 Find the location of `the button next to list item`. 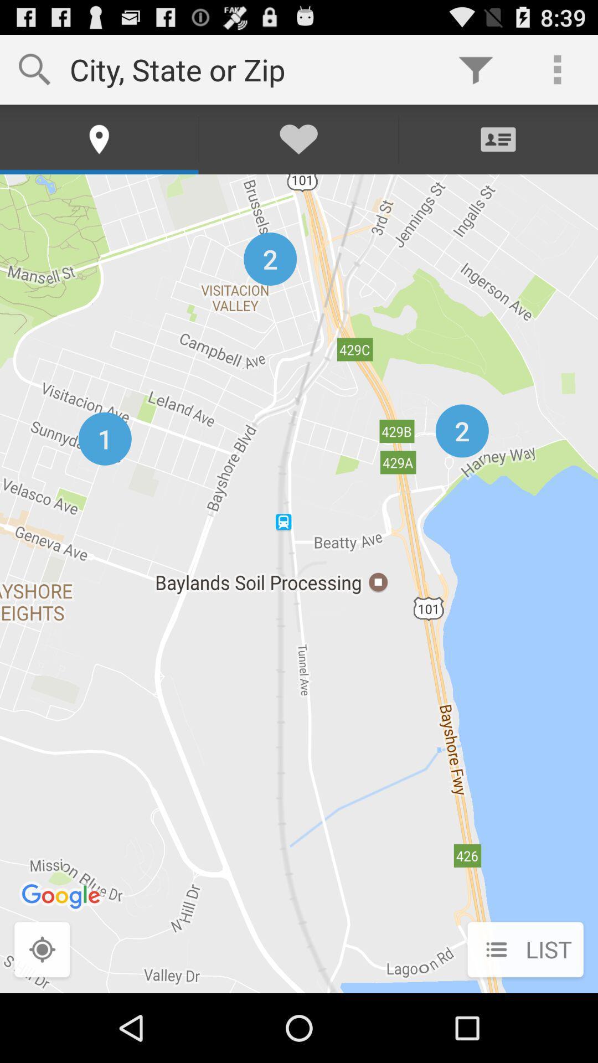

the button next to list item is located at coordinates (42, 950).